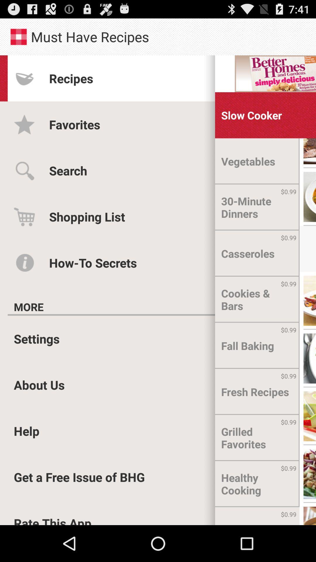 The height and width of the screenshot is (562, 316). What do you see at coordinates (257, 438) in the screenshot?
I see `the grilled favorites icon` at bounding box center [257, 438].